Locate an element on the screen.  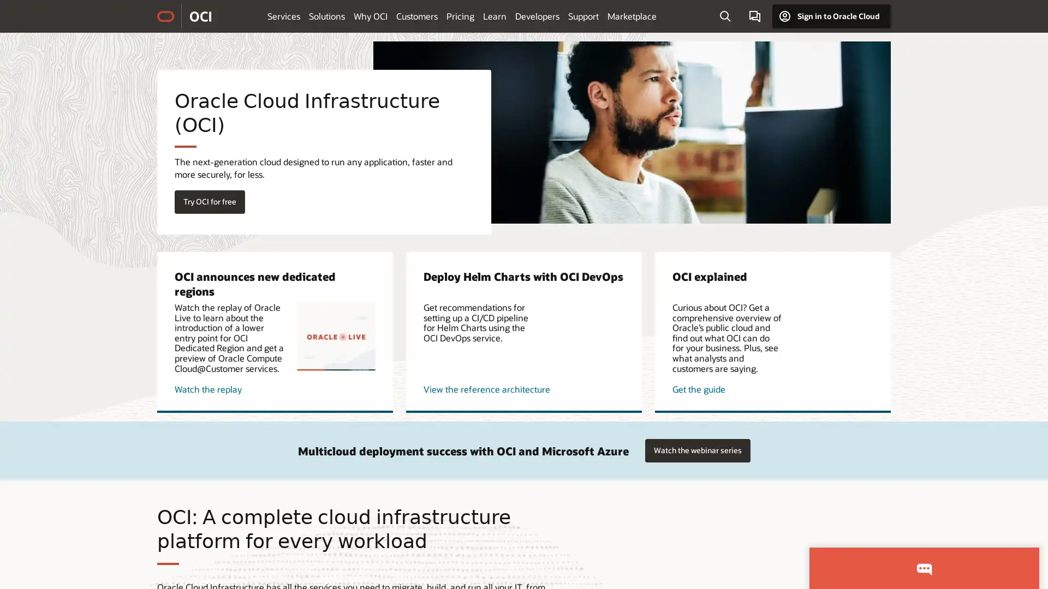
Marketplace is located at coordinates (632, 16).